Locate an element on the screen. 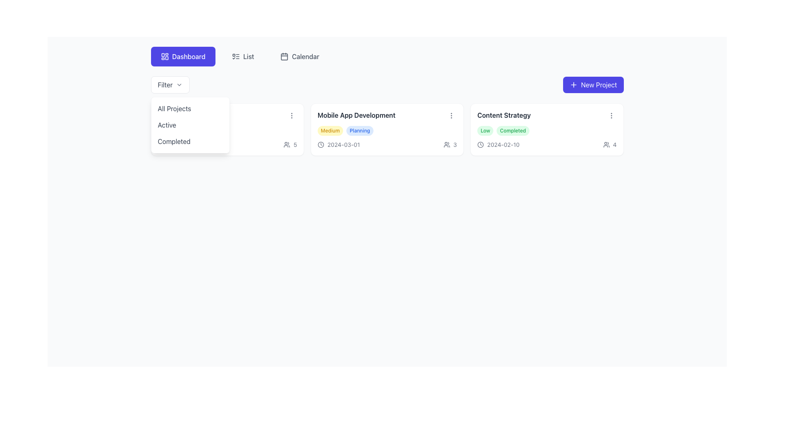 This screenshot has width=788, height=443. the date/time Icon located to the left of the text '2024-03-01' is located at coordinates (320, 144).